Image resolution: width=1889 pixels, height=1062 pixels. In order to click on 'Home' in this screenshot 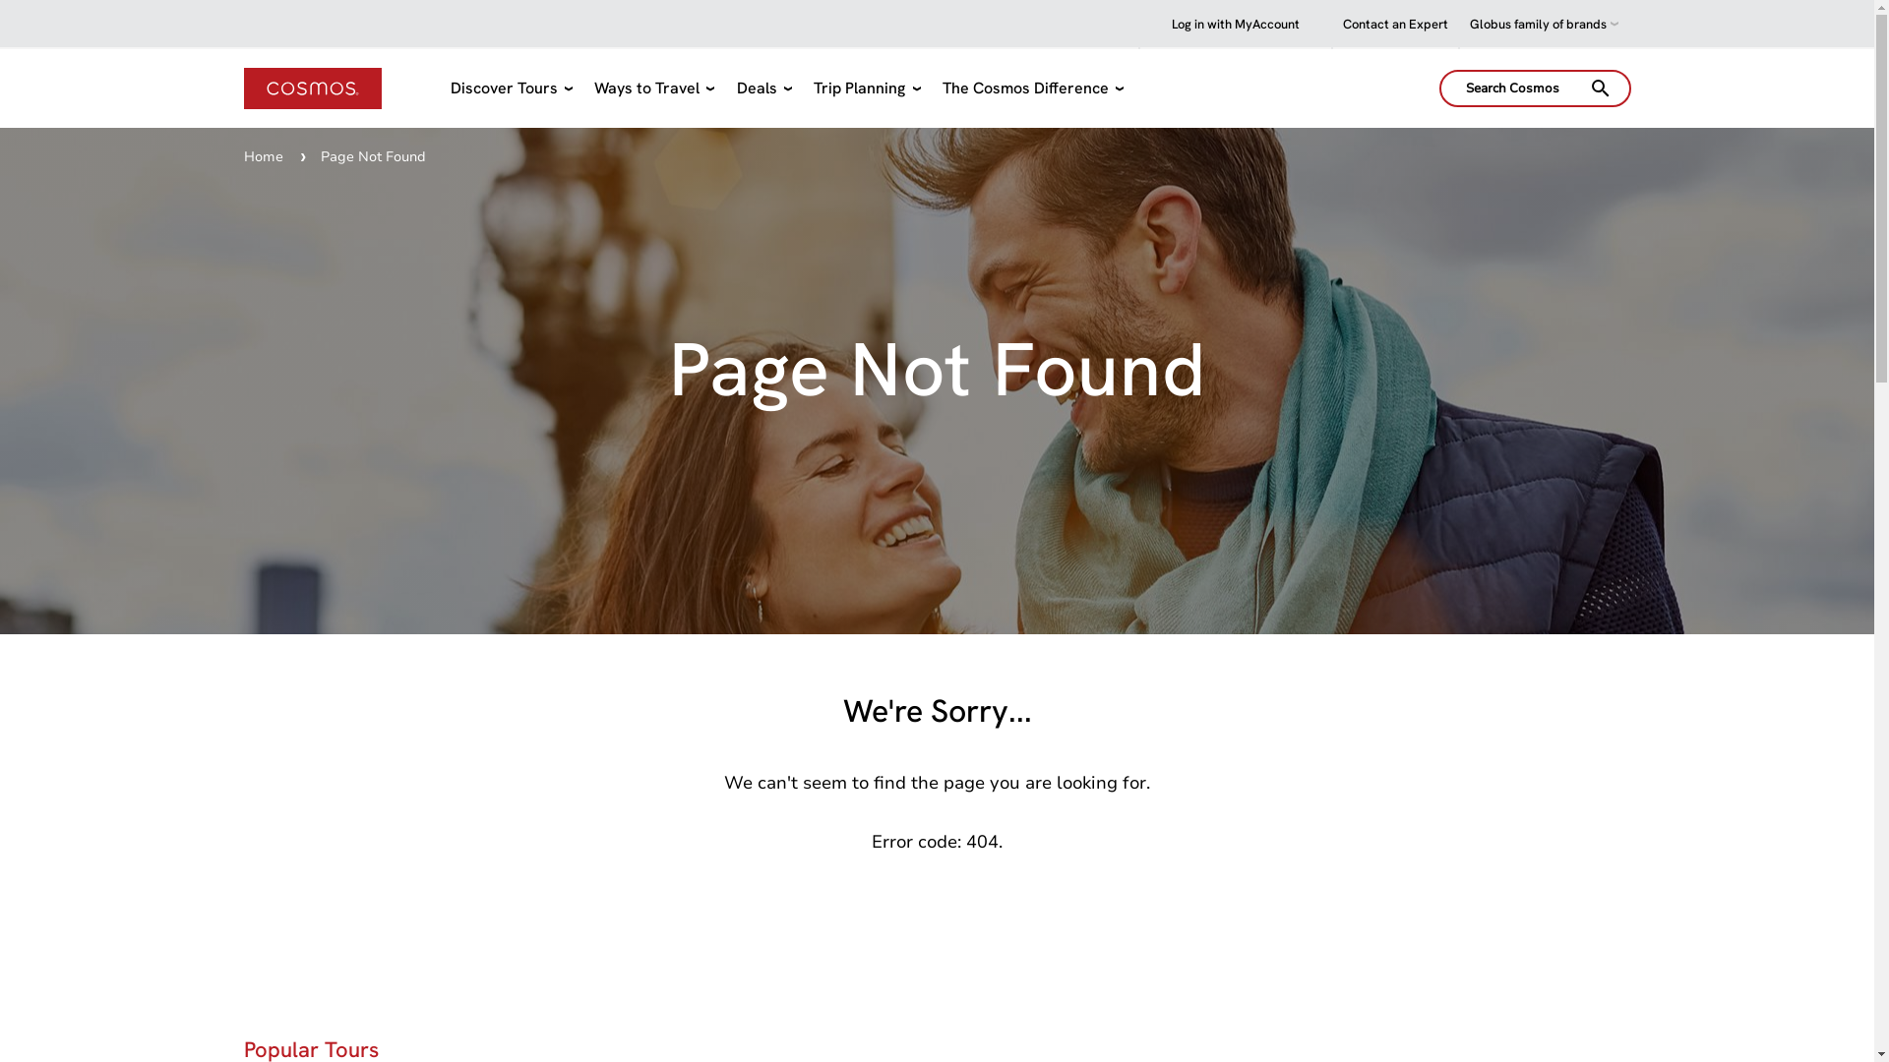, I will do `click(263, 155)`.